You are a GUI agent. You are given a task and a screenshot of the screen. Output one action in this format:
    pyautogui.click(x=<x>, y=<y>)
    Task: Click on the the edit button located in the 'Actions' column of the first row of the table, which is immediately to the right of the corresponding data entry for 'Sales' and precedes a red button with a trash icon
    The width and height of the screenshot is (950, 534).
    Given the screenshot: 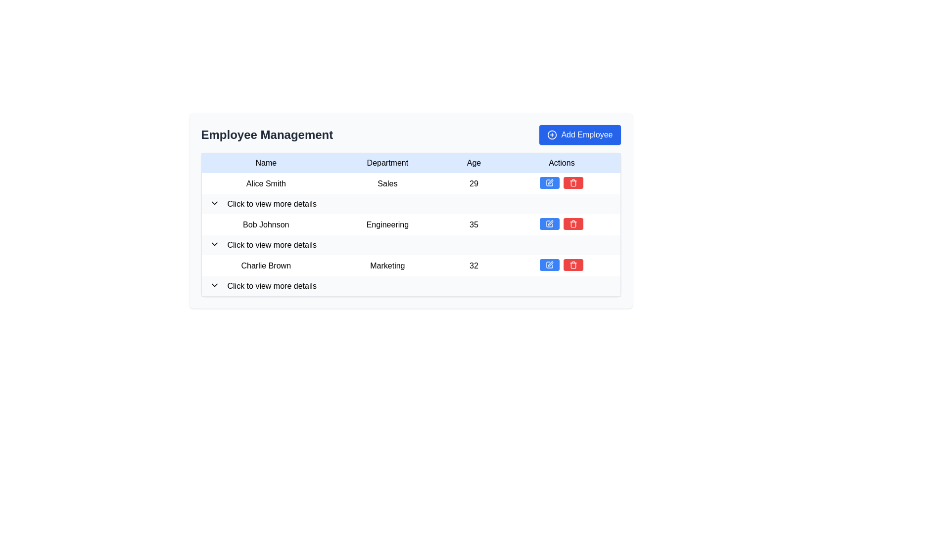 What is the action you would take?
    pyautogui.click(x=549, y=183)
    